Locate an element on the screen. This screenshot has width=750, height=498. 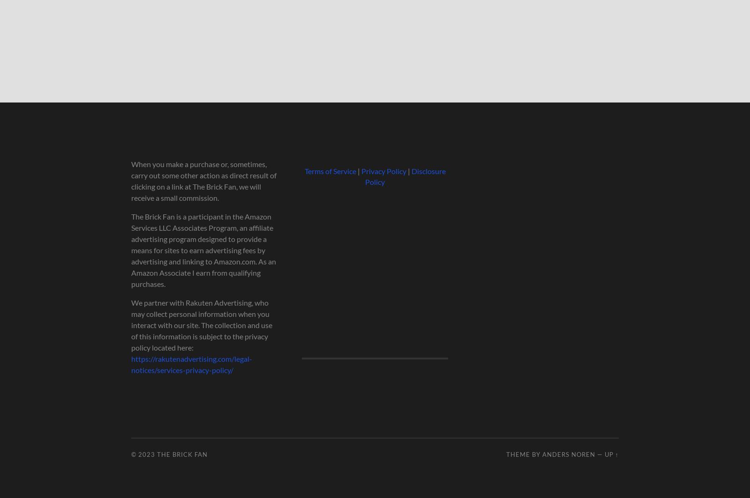
'The Brick Fan' is located at coordinates (182, 454).